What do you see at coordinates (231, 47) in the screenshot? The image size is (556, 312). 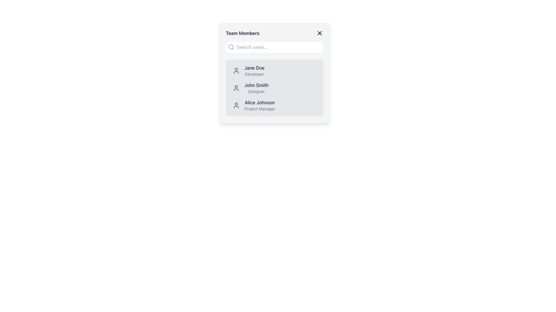 I see `the circular portion of the magnifying glass icon associated with the search functionality, located to the left of the search text field in the 'Team Members' pop-up panel` at bounding box center [231, 47].